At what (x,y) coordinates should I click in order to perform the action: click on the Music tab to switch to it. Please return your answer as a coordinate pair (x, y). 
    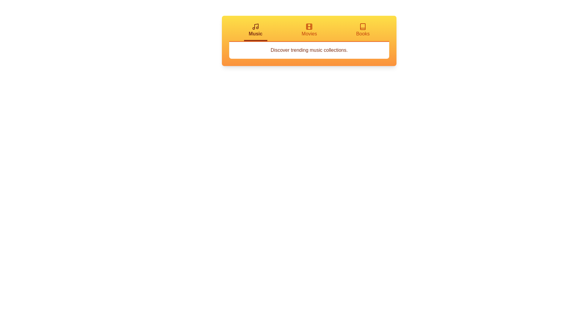
    Looking at the image, I should click on (256, 32).